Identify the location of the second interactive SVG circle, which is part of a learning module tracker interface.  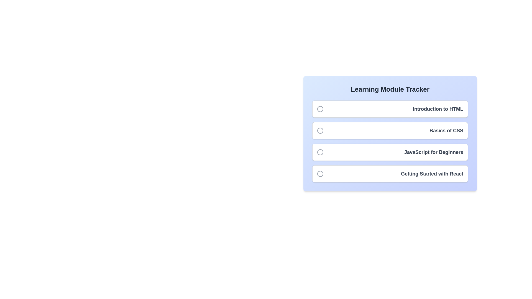
(320, 130).